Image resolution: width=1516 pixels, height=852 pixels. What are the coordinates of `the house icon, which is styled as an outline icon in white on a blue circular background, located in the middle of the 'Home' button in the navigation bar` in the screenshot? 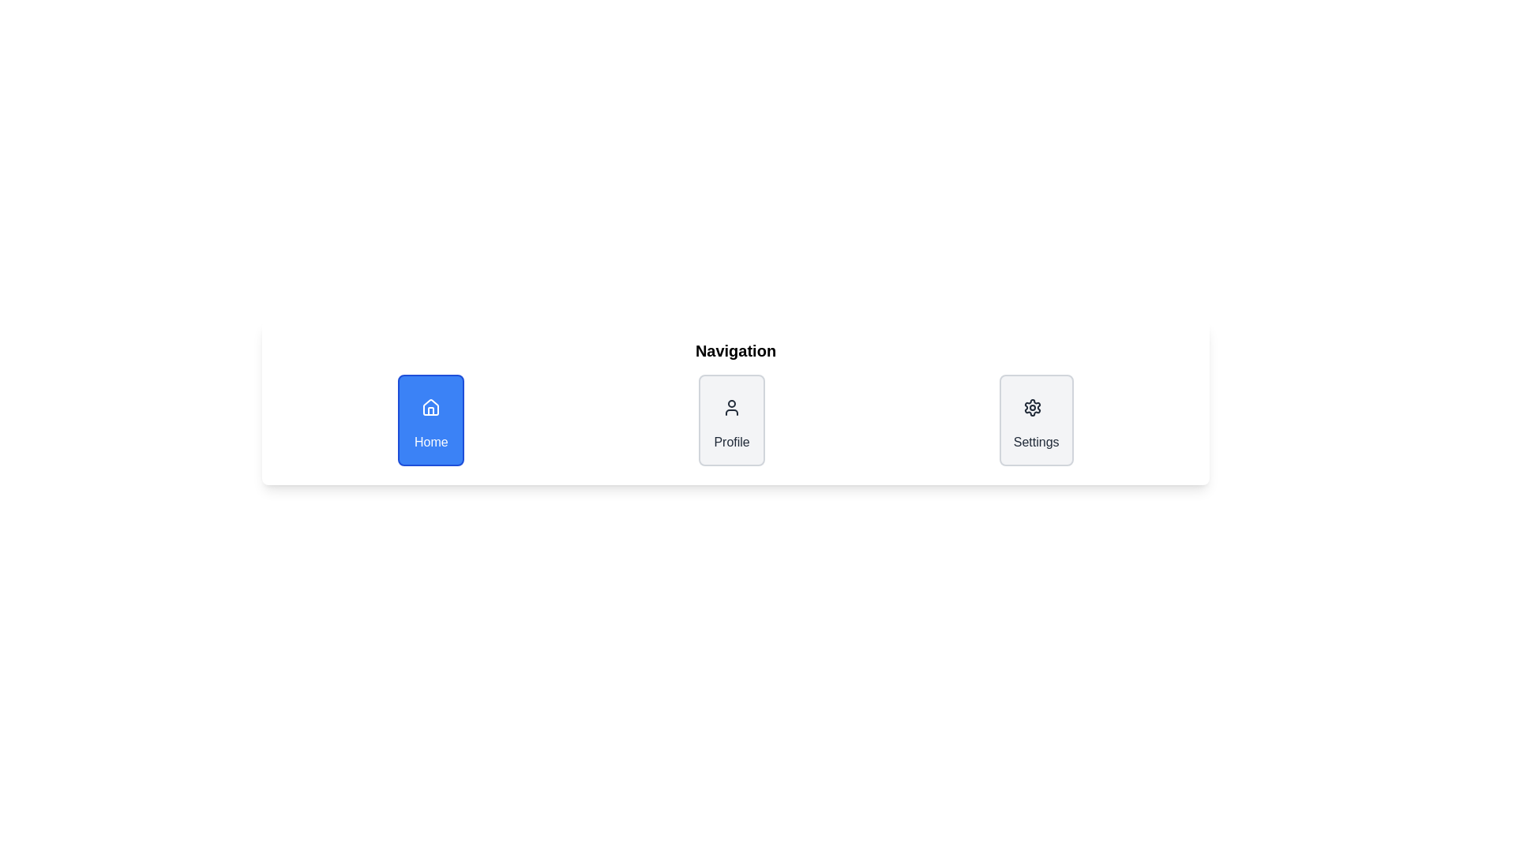 It's located at (431, 406).